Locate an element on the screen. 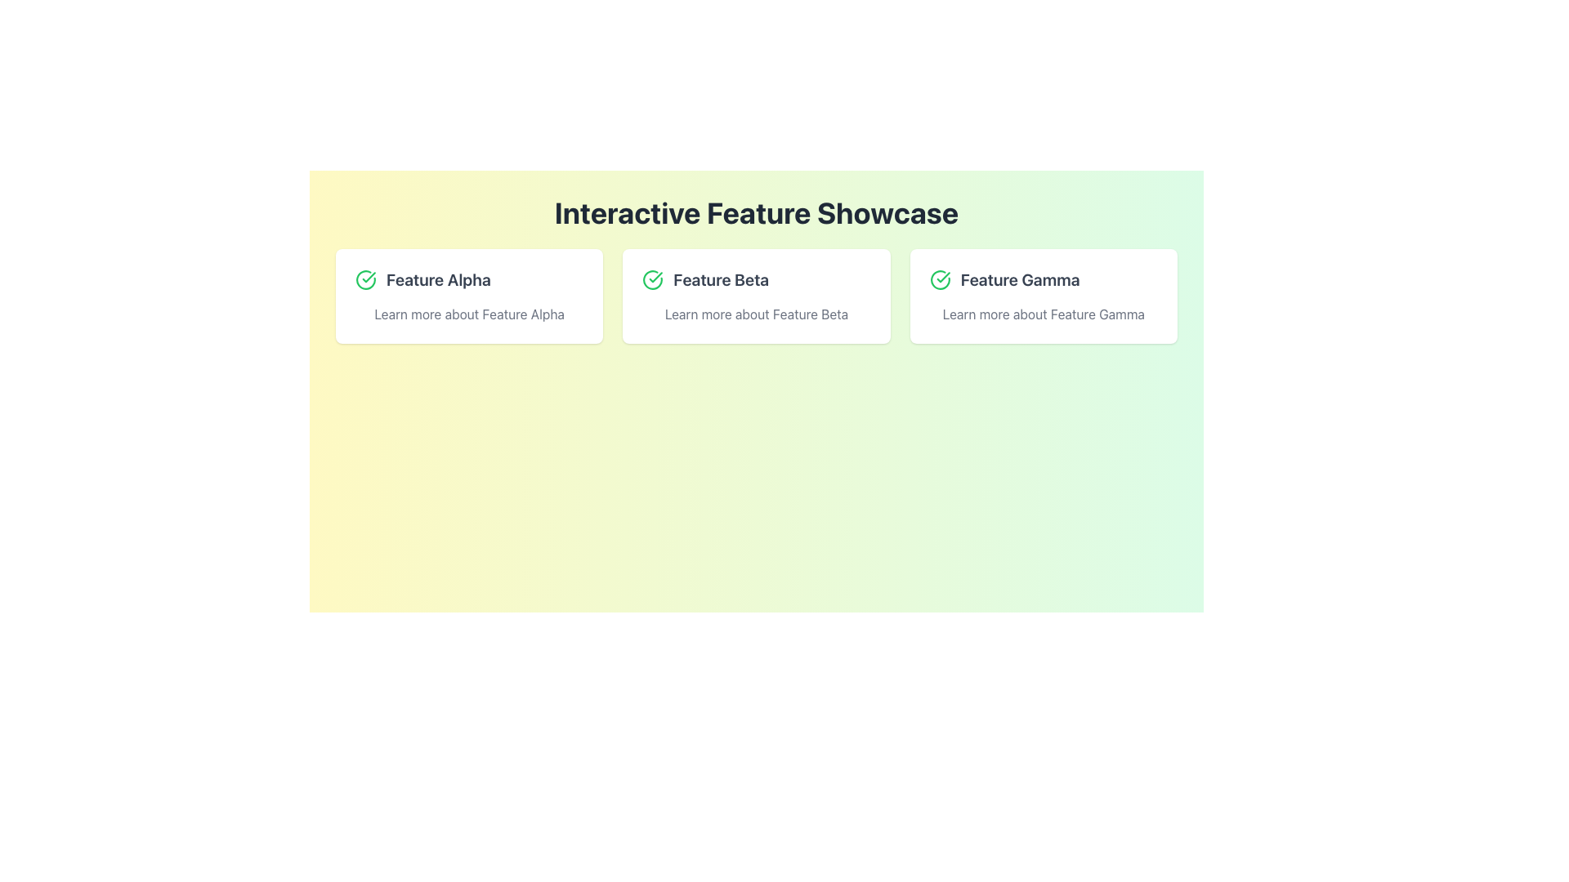  text of the bold, large text label displaying 'Feature Alpha', which is prominently positioned as the title for the first feature card in the interface is located at coordinates (438, 279).